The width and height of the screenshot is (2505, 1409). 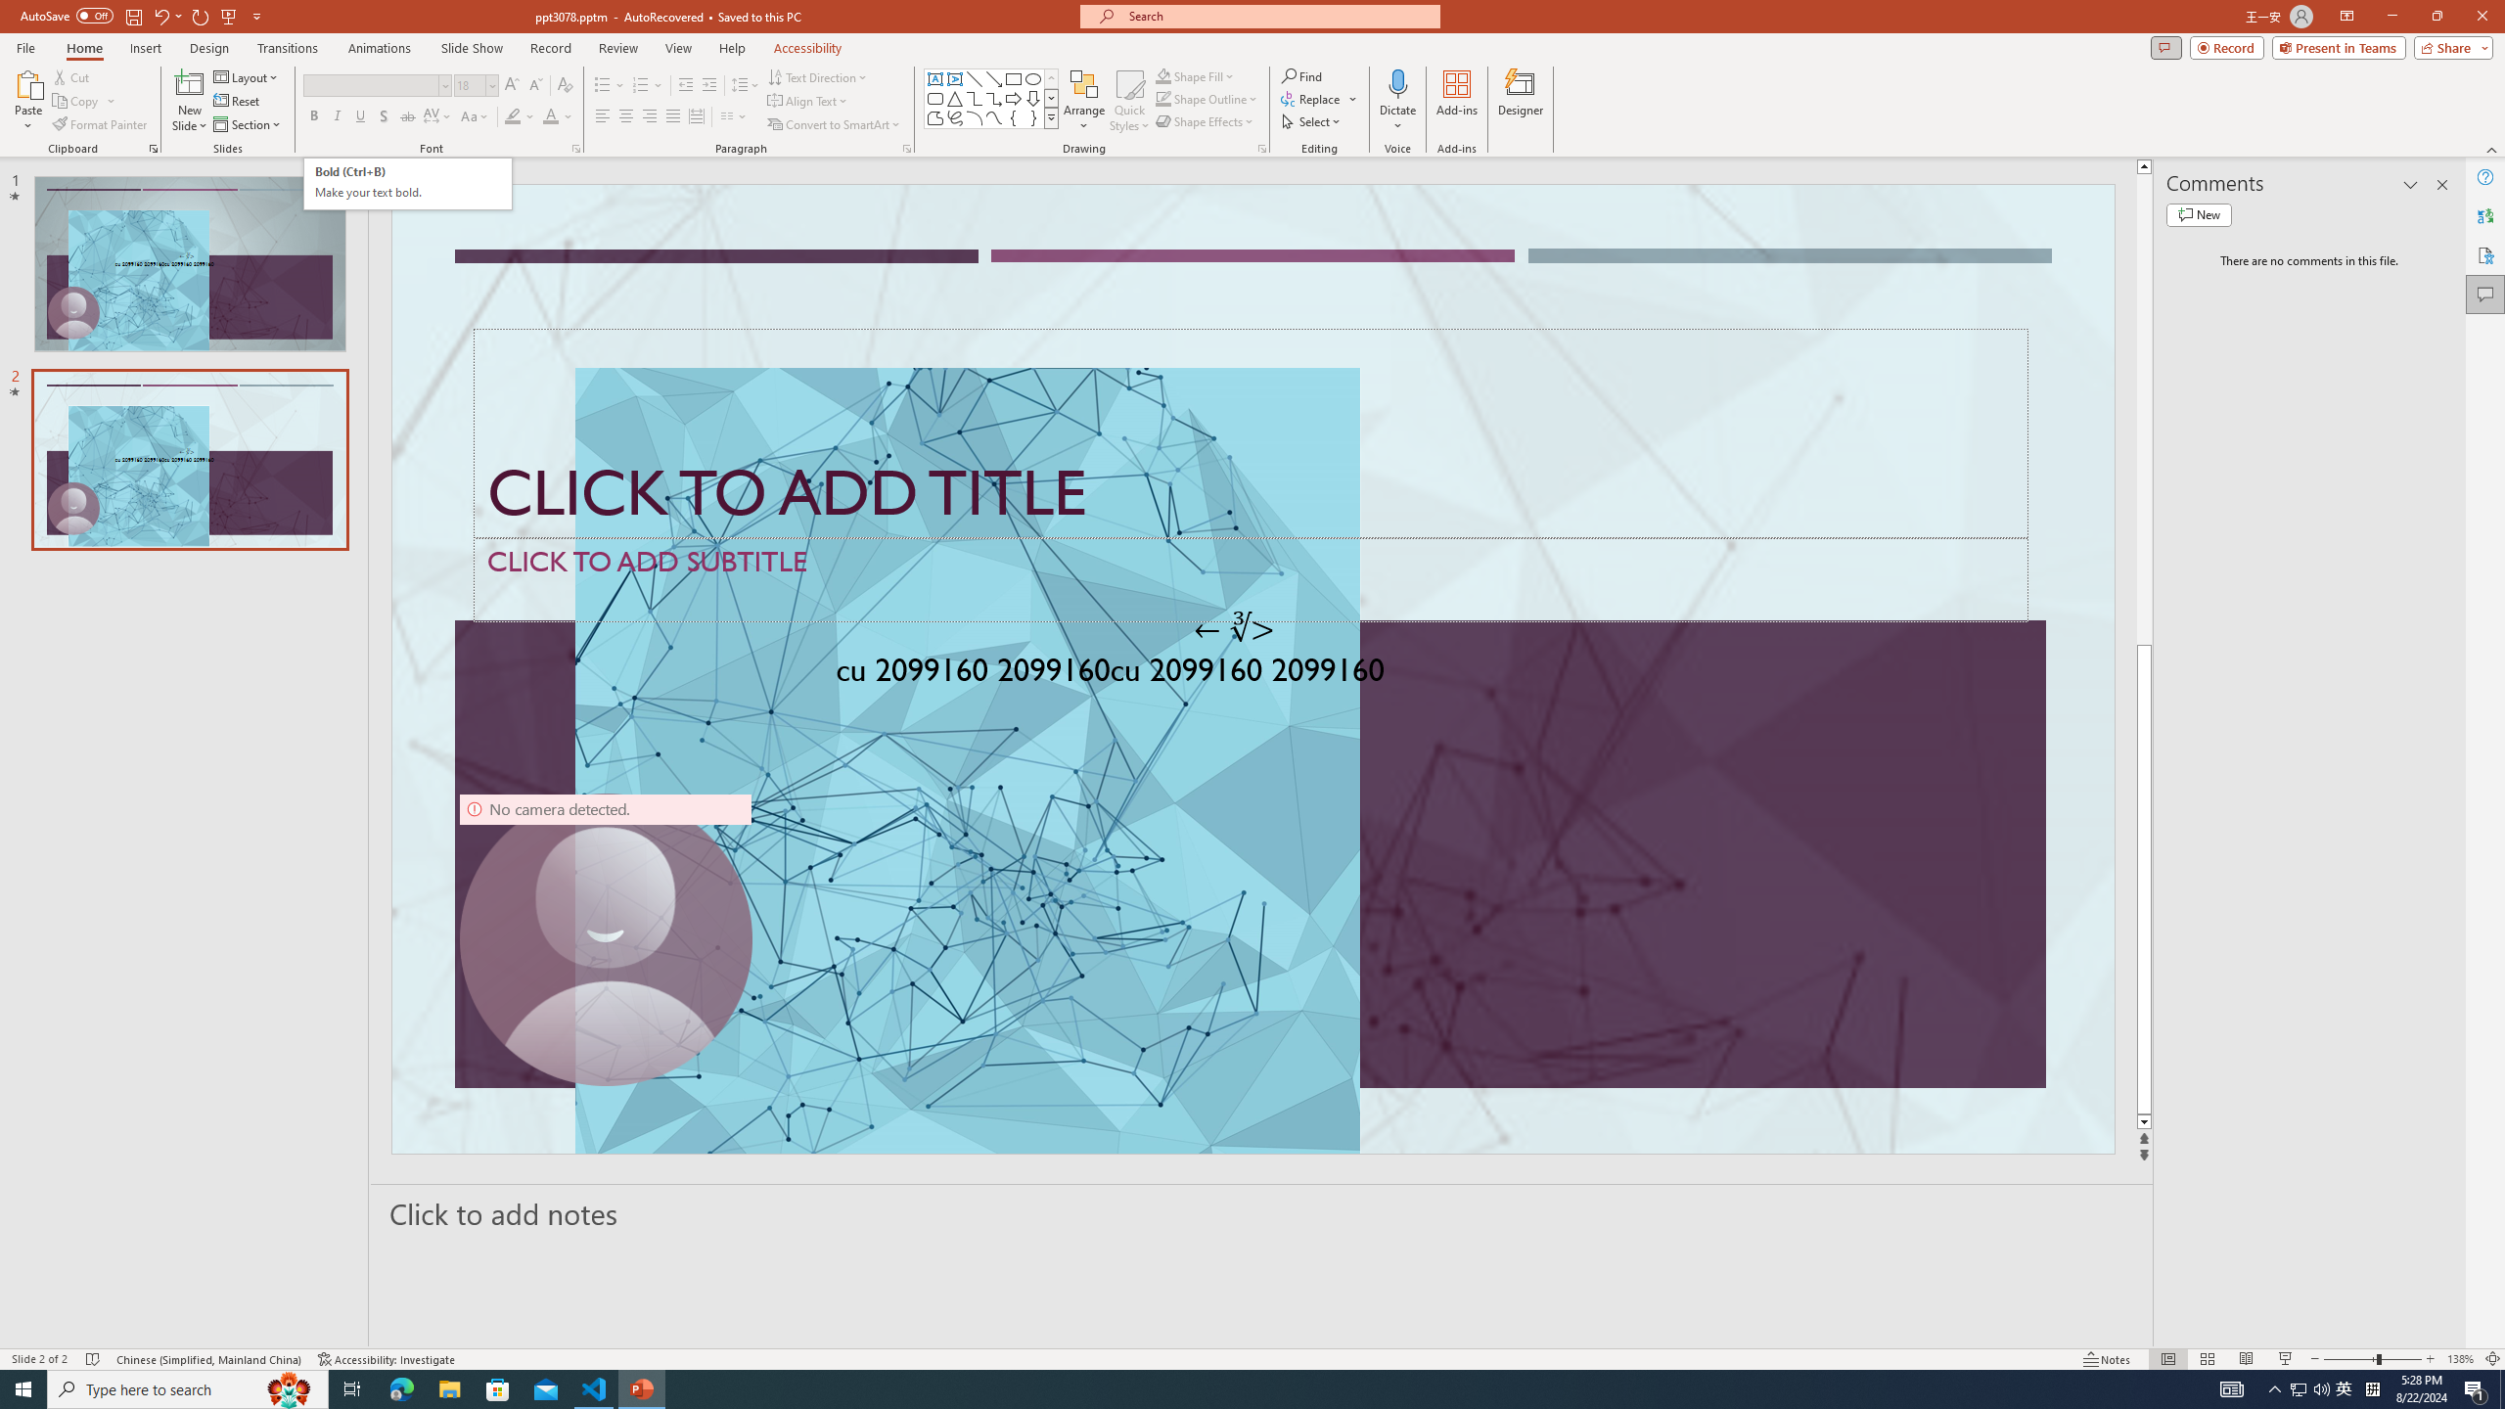 What do you see at coordinates (973, 78) in the screenshot?
I see `'Line'` at bounding box center [973, 78].